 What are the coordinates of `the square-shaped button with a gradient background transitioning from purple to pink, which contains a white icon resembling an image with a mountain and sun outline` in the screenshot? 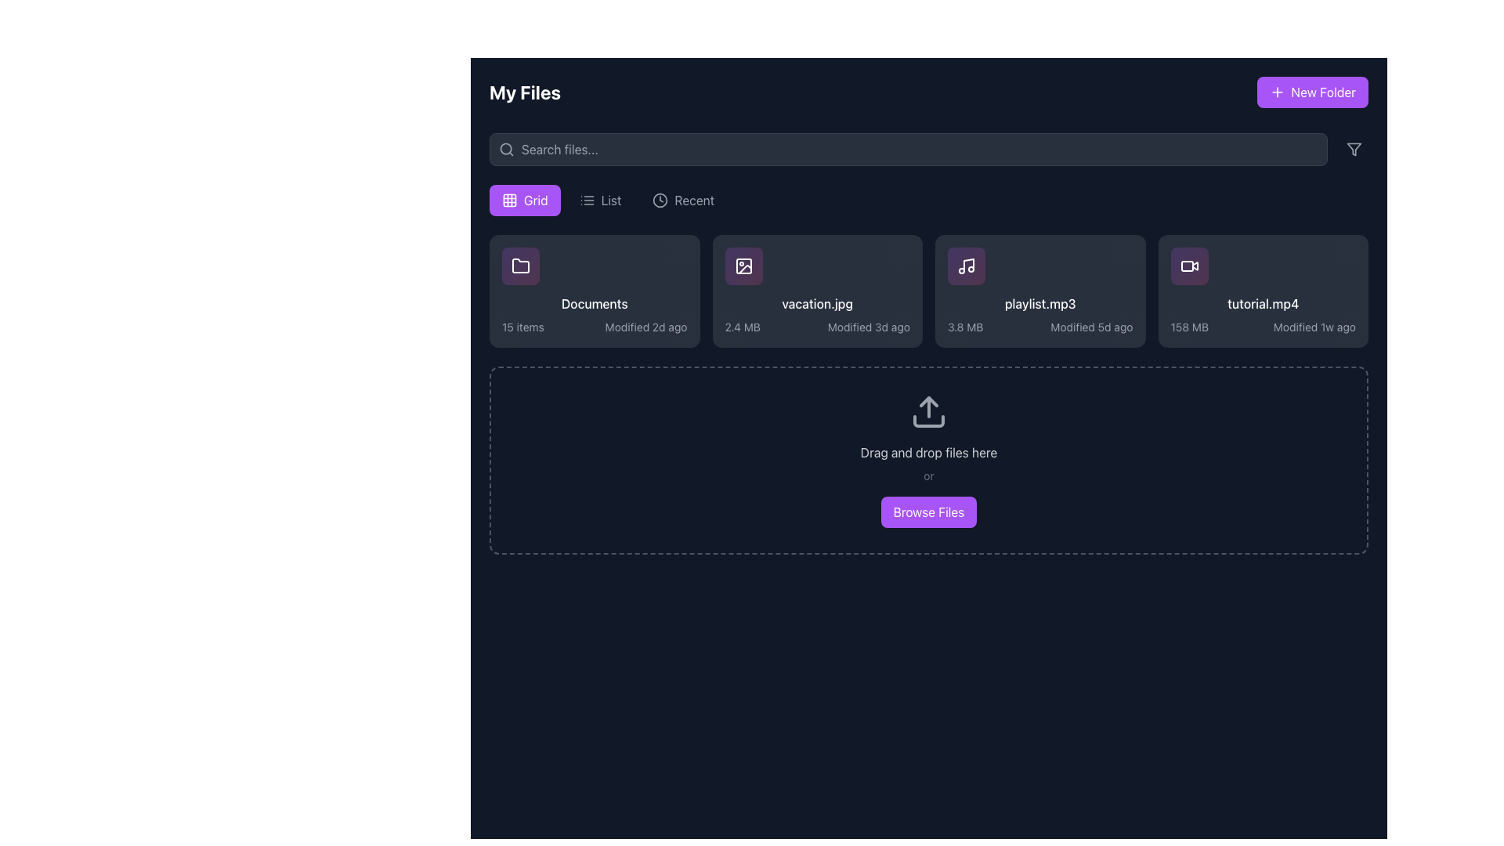 It's located at (743, 265).